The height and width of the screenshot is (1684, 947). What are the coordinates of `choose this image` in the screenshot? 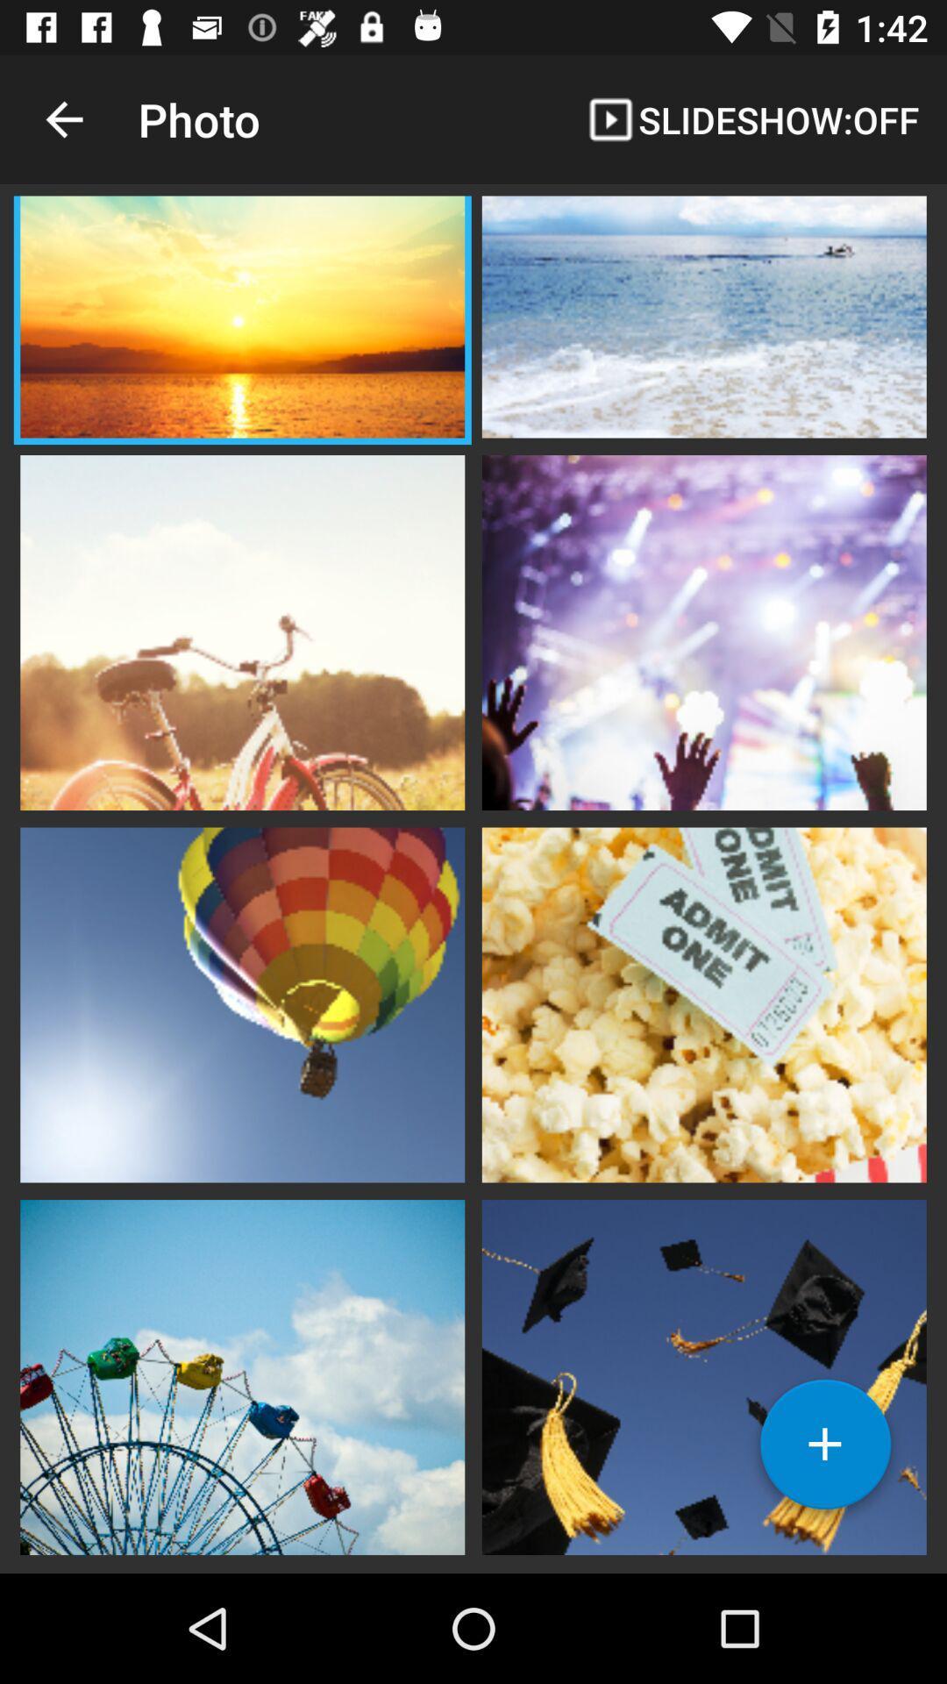 It's located at (703, 1374).